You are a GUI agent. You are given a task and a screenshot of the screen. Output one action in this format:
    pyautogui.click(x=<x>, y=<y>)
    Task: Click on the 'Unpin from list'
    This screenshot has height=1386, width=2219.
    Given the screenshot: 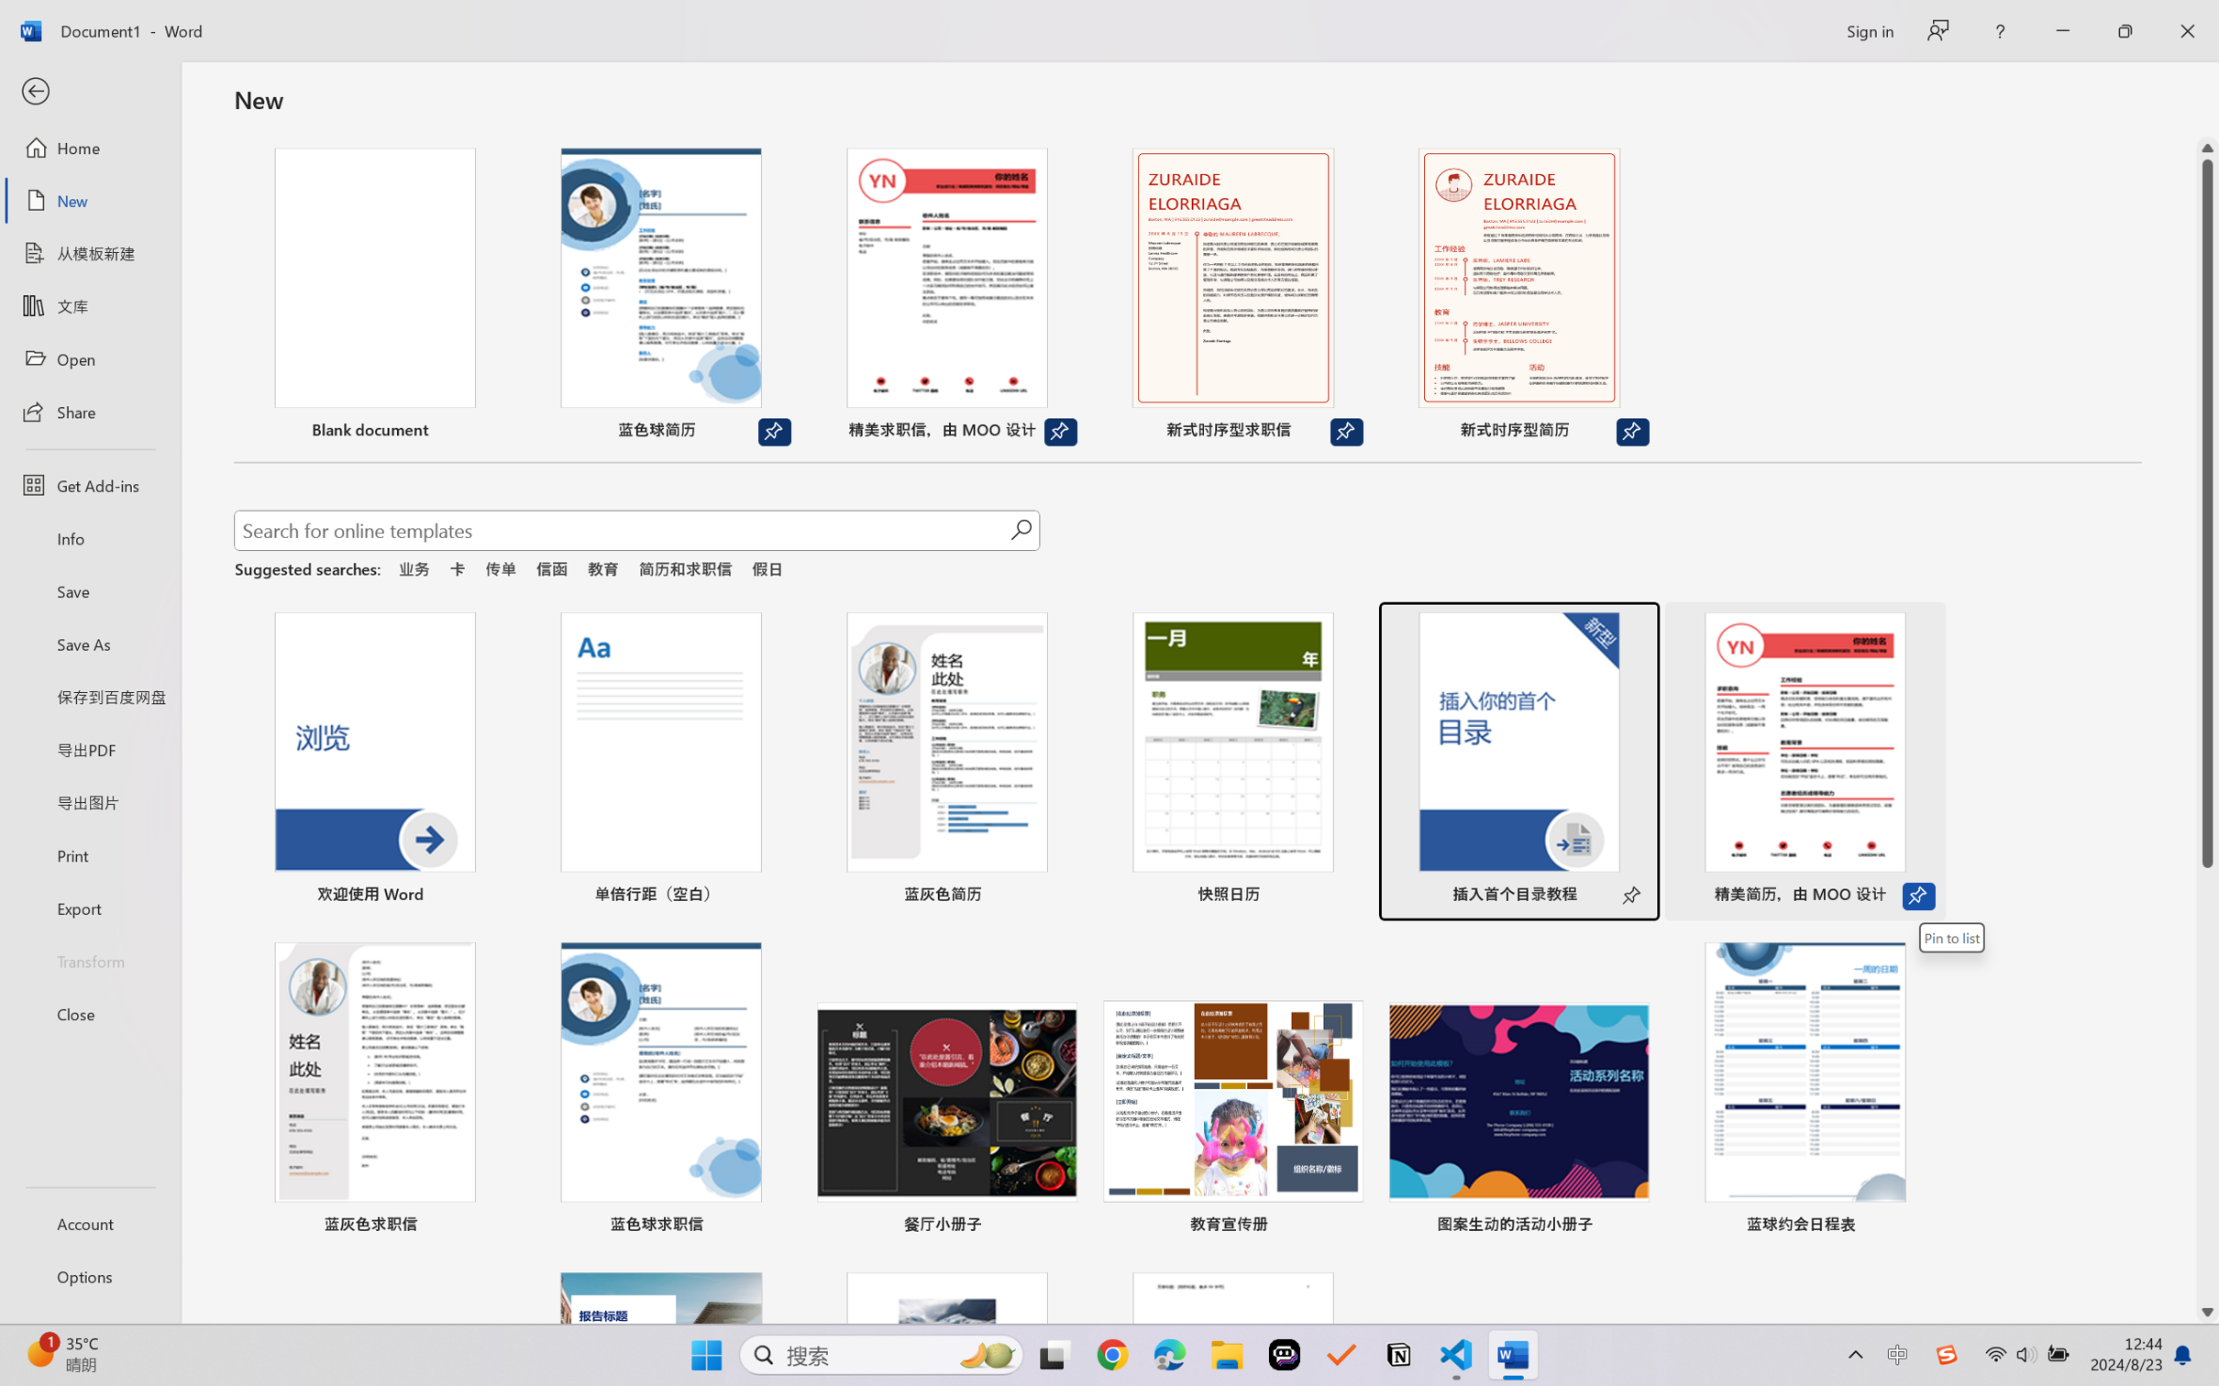 What is the action you would take?
    pyautogui.click(x=1632, y=433)
    